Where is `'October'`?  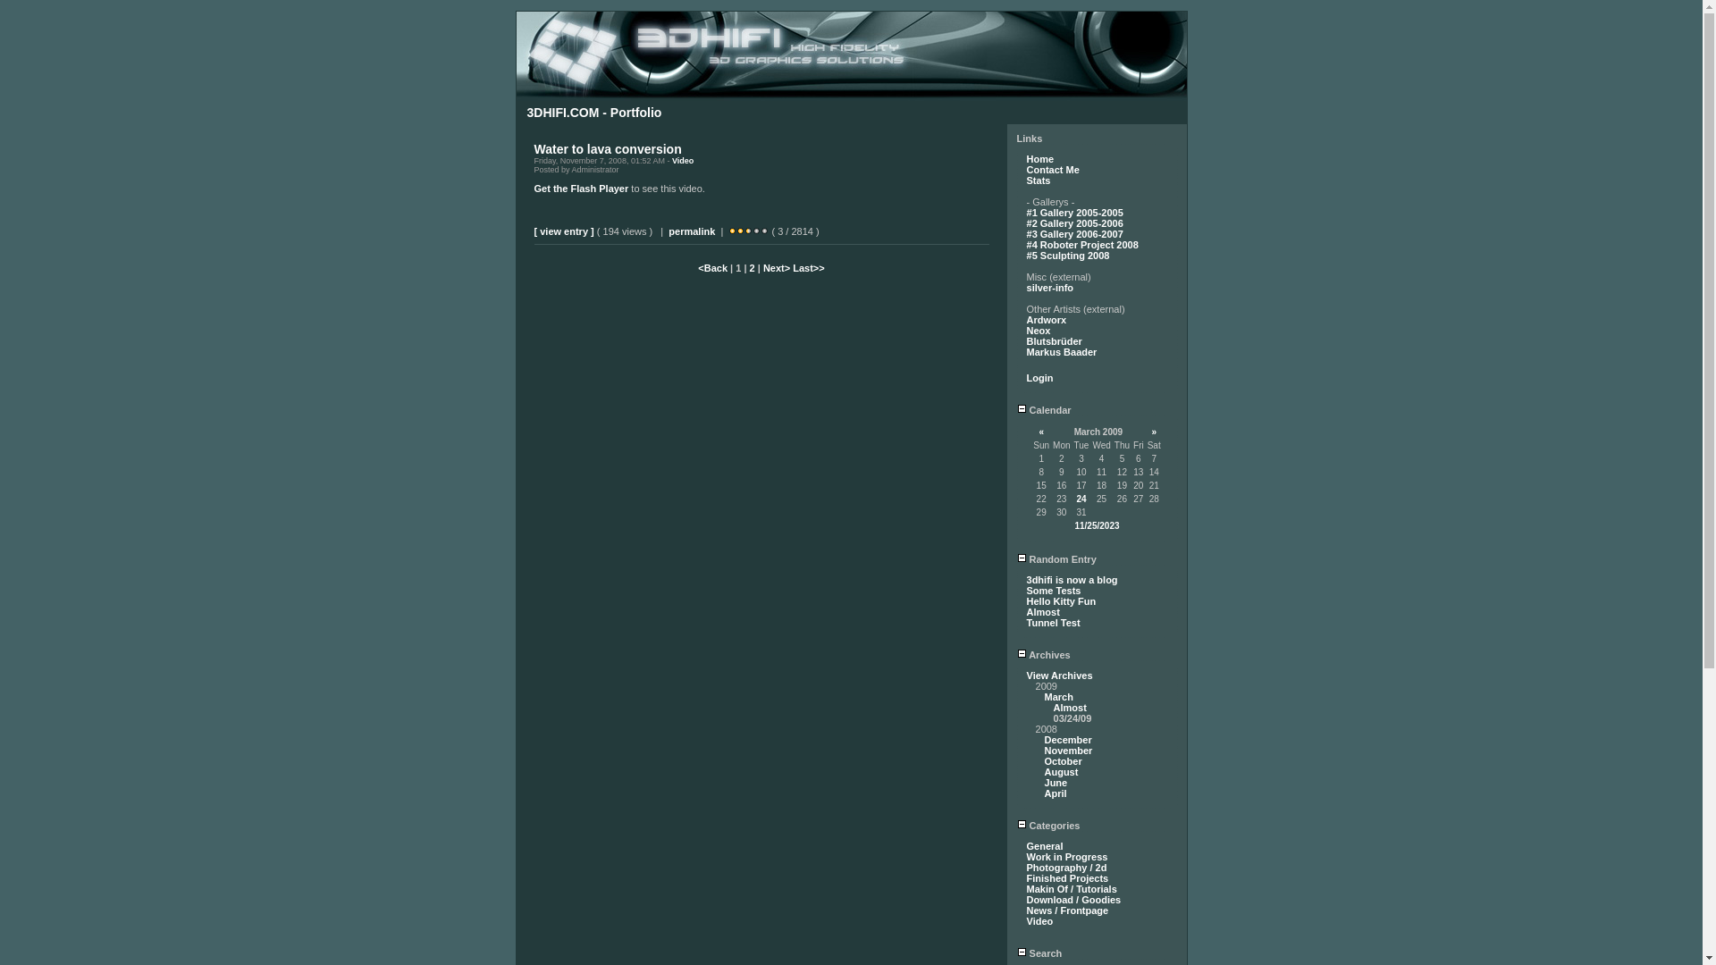
'October' is located at coordinates (1064, 761).